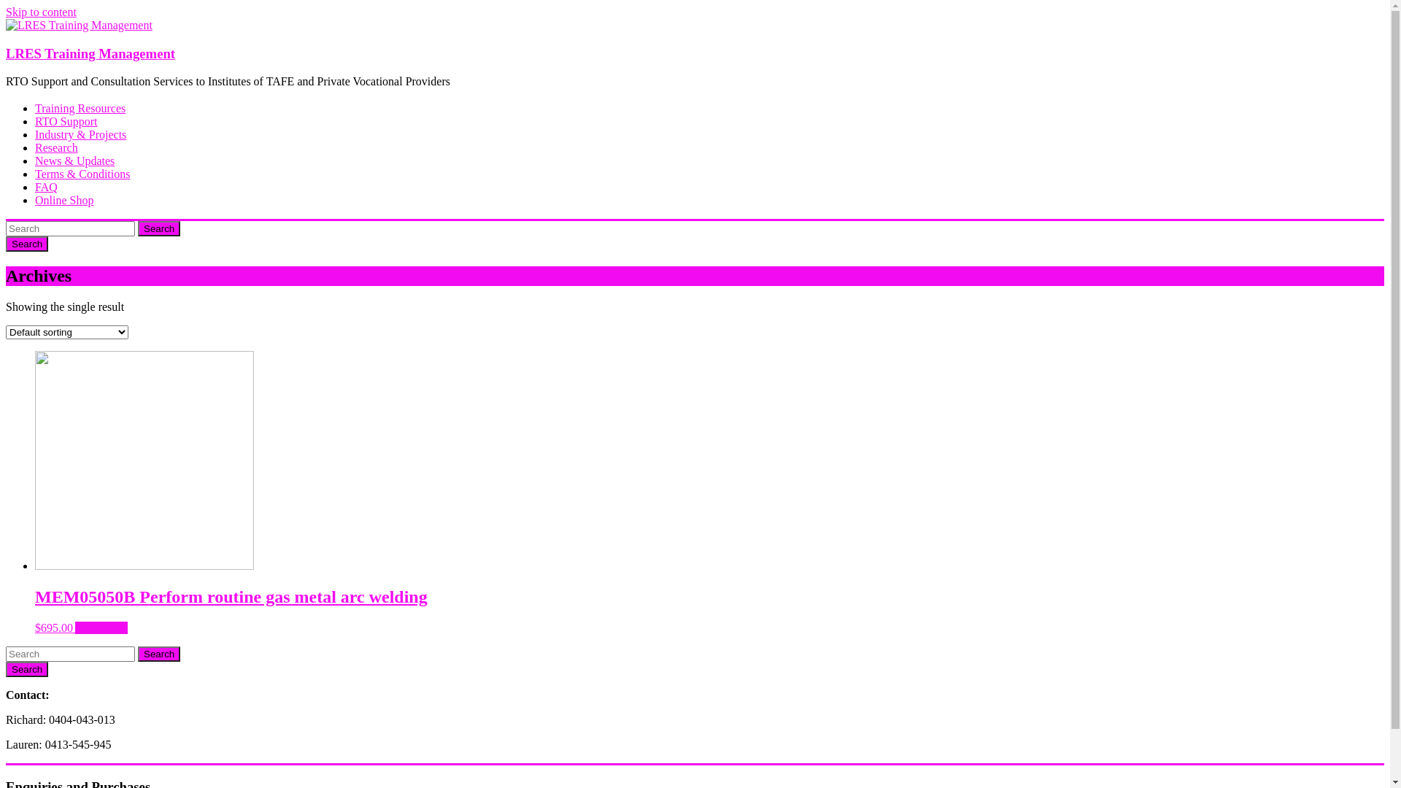 The width and height of the screenshot is (1401, 788). What do you see at coordinates (46, 186) in the screenshot?
I see `'FAQ'` at bounding box center [46, 186].